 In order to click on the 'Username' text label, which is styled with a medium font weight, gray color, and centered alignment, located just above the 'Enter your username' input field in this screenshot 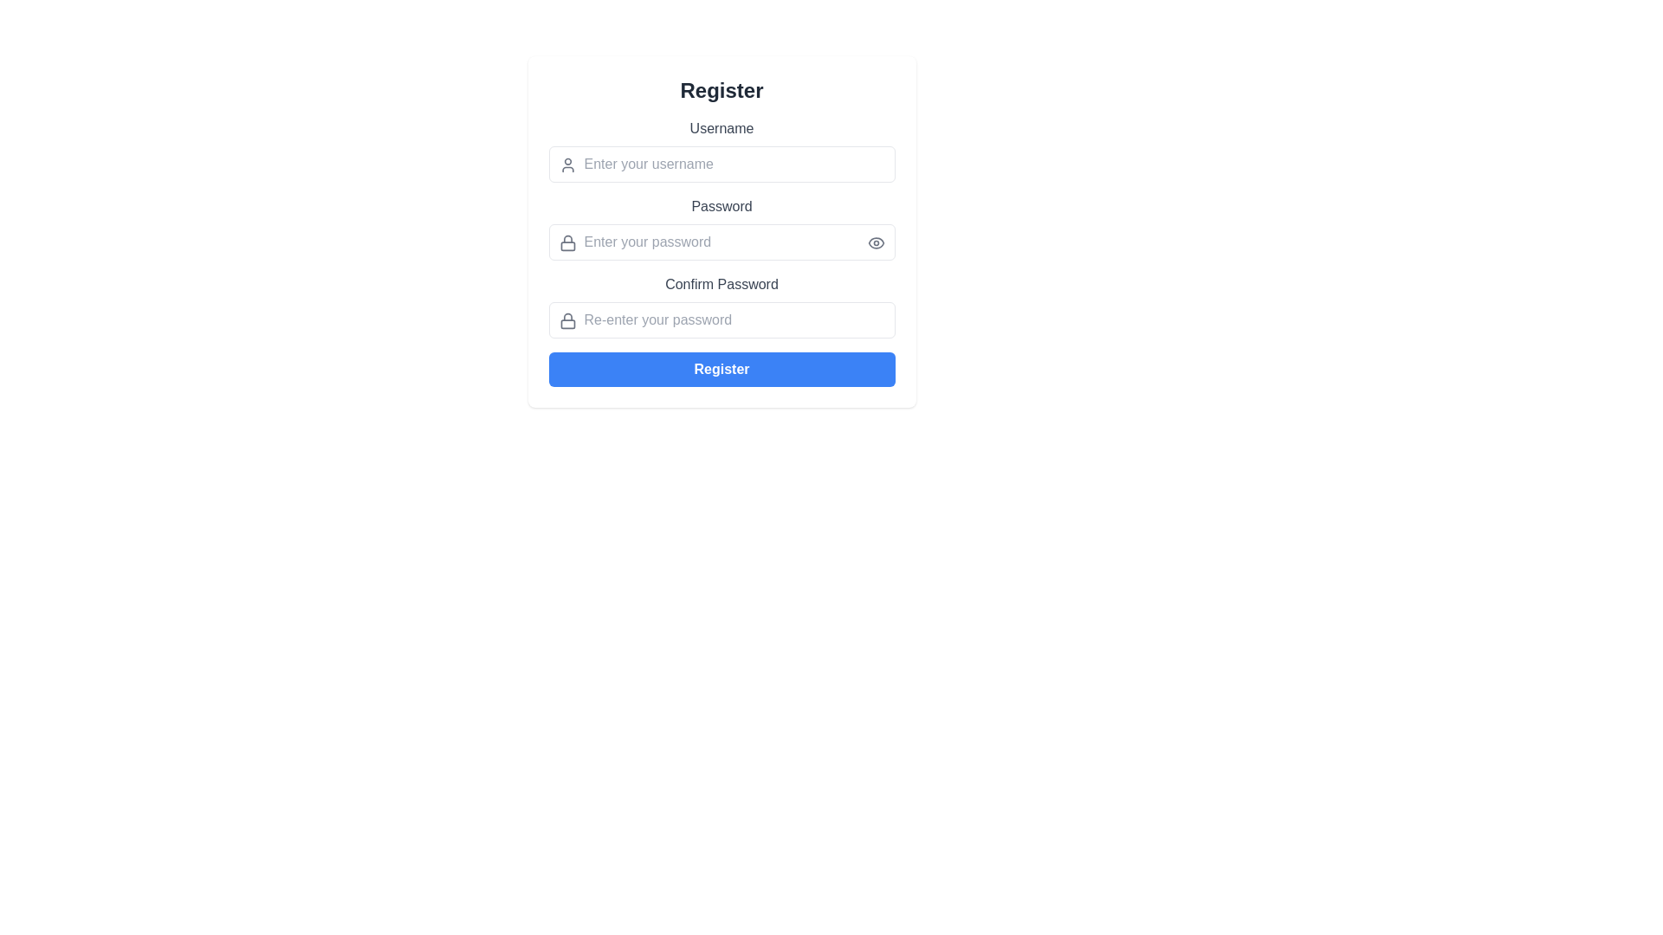, I will do `click(721, 128)`.